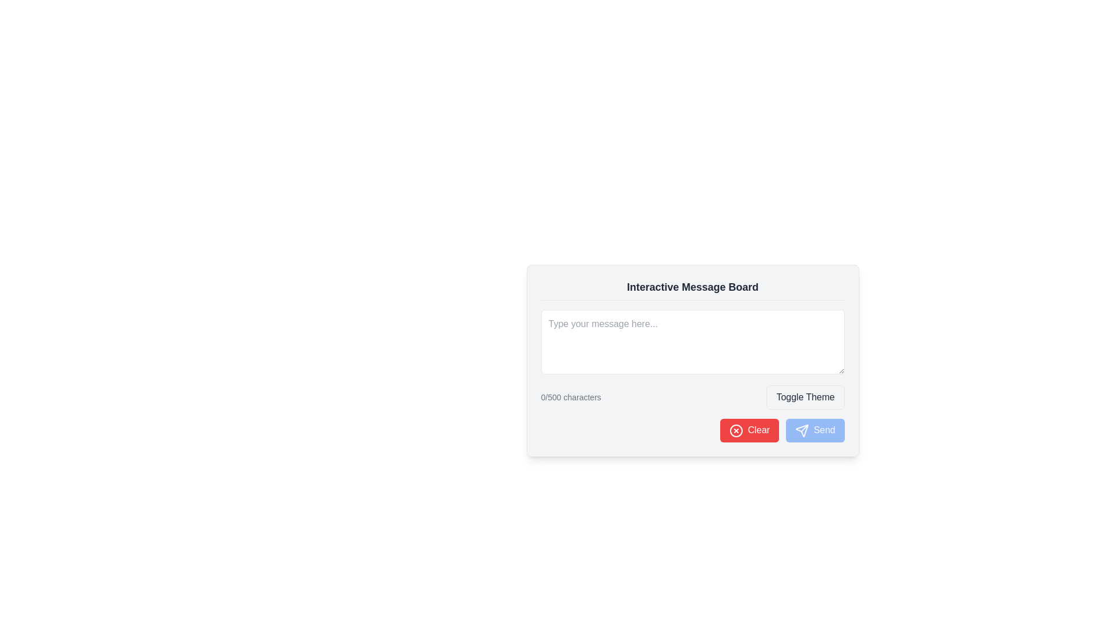 This screenshot has width=1108, height=623. I want to click on the decorative icon adjacent to the 'Clear' button at the bottom-left corner of the interactive message board interface, so click(735, 430).